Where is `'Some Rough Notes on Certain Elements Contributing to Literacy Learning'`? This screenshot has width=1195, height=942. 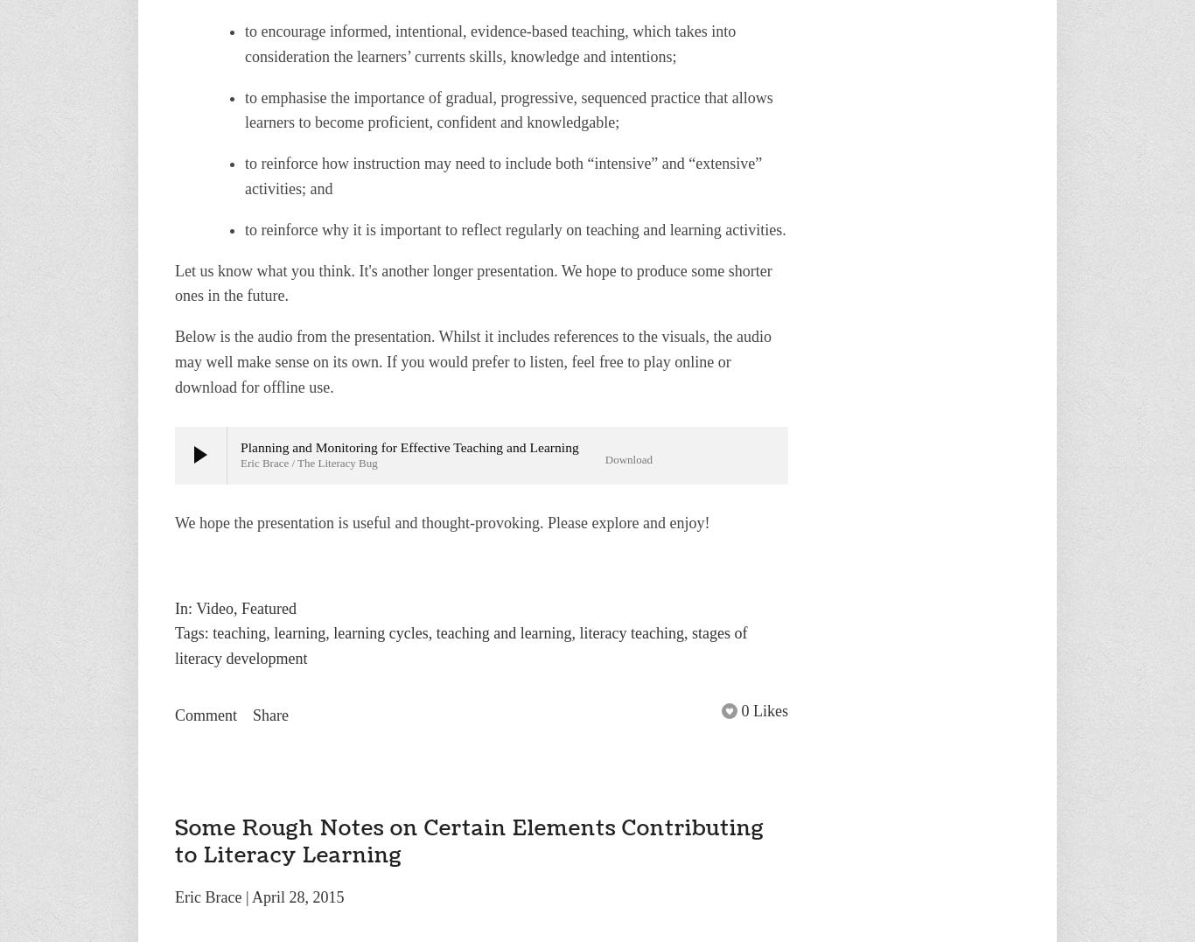
'Some Rough Notes on Certain Elements Contributing to Literacy Learning' is located at coordinates (173, 841).